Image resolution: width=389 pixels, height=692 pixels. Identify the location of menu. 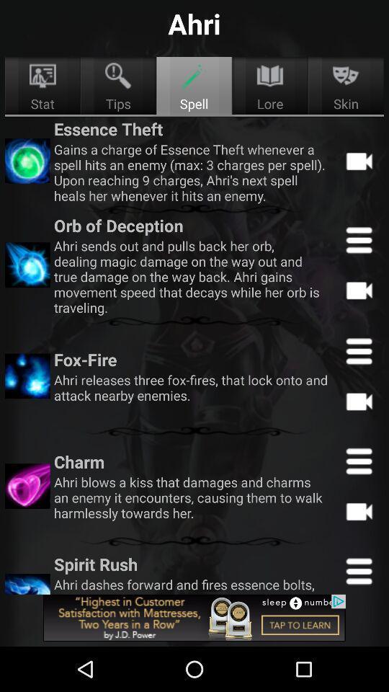
(358, 240).